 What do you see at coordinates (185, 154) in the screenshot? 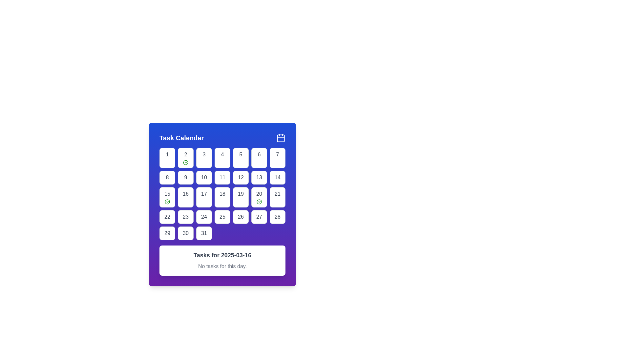
I see `the Text Label indicating the day '2' in the calendar grid, located in the second button of the first row under 'Task Calendar'` at bounding box center [185, 154].